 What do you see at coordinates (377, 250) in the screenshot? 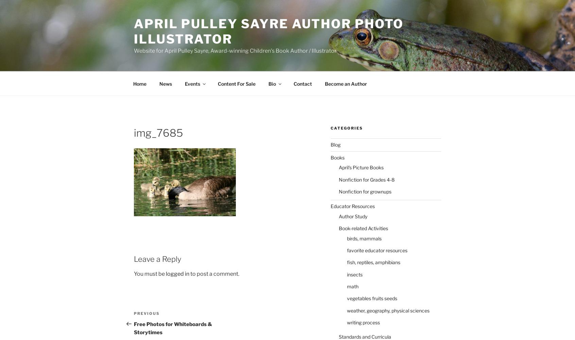
I see `'favorite educator resources'` at bounding box center [377, 250].